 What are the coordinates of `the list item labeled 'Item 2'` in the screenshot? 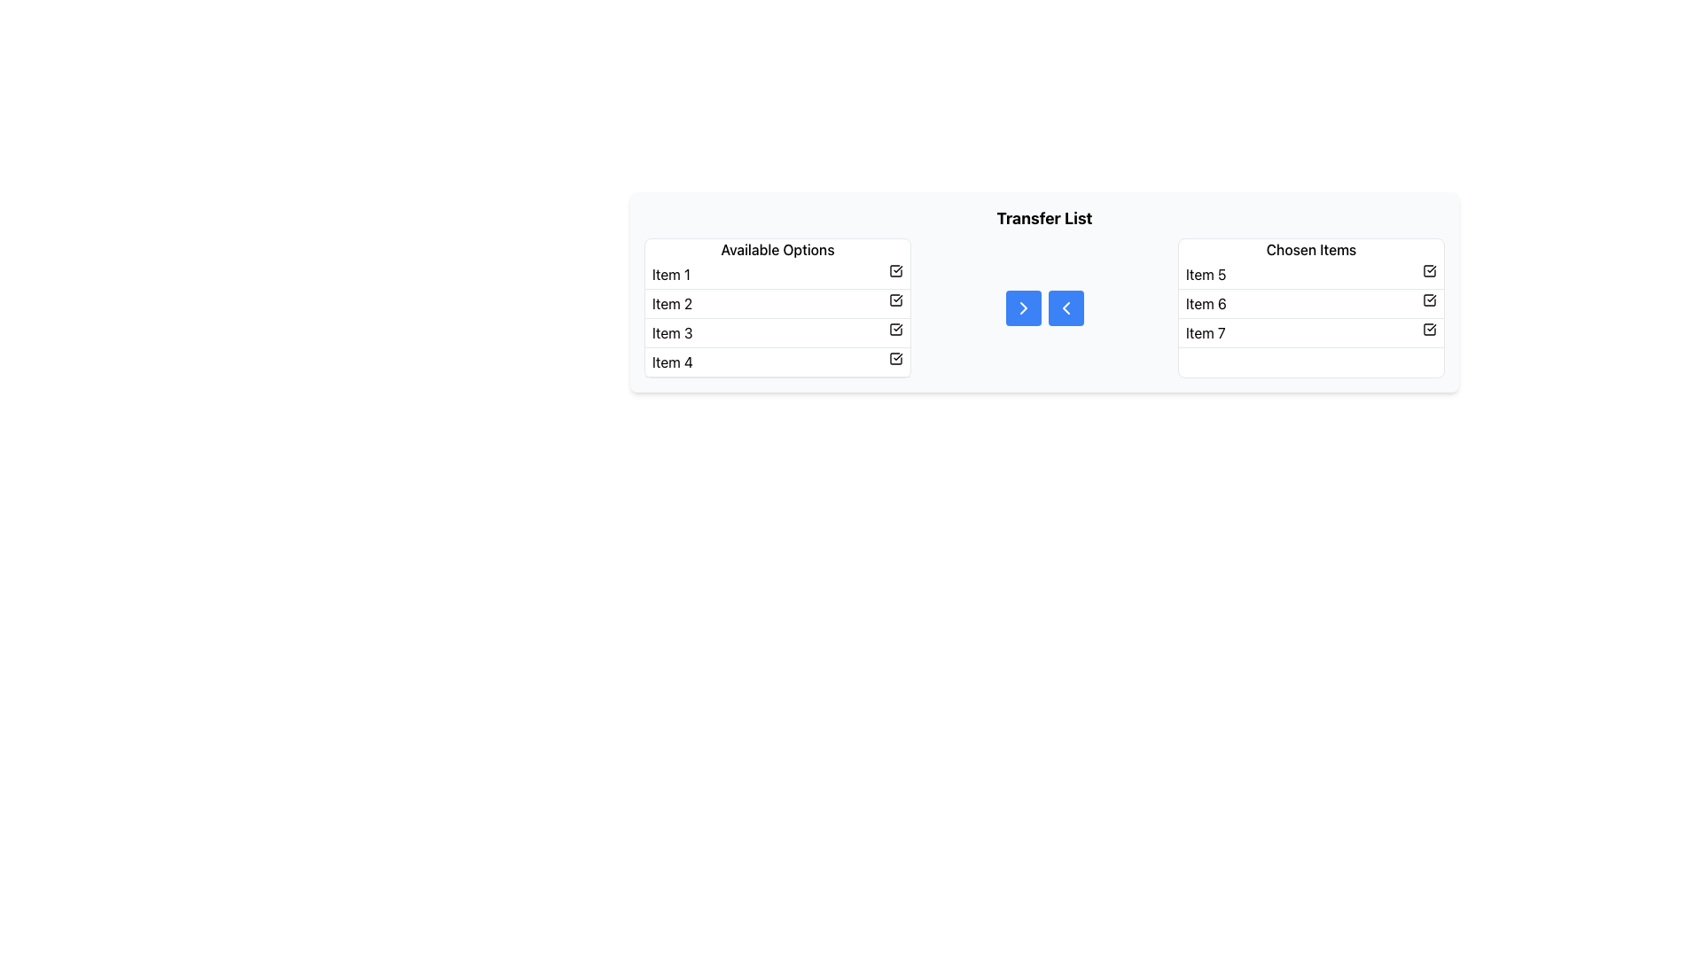 It's located at (777, 303).